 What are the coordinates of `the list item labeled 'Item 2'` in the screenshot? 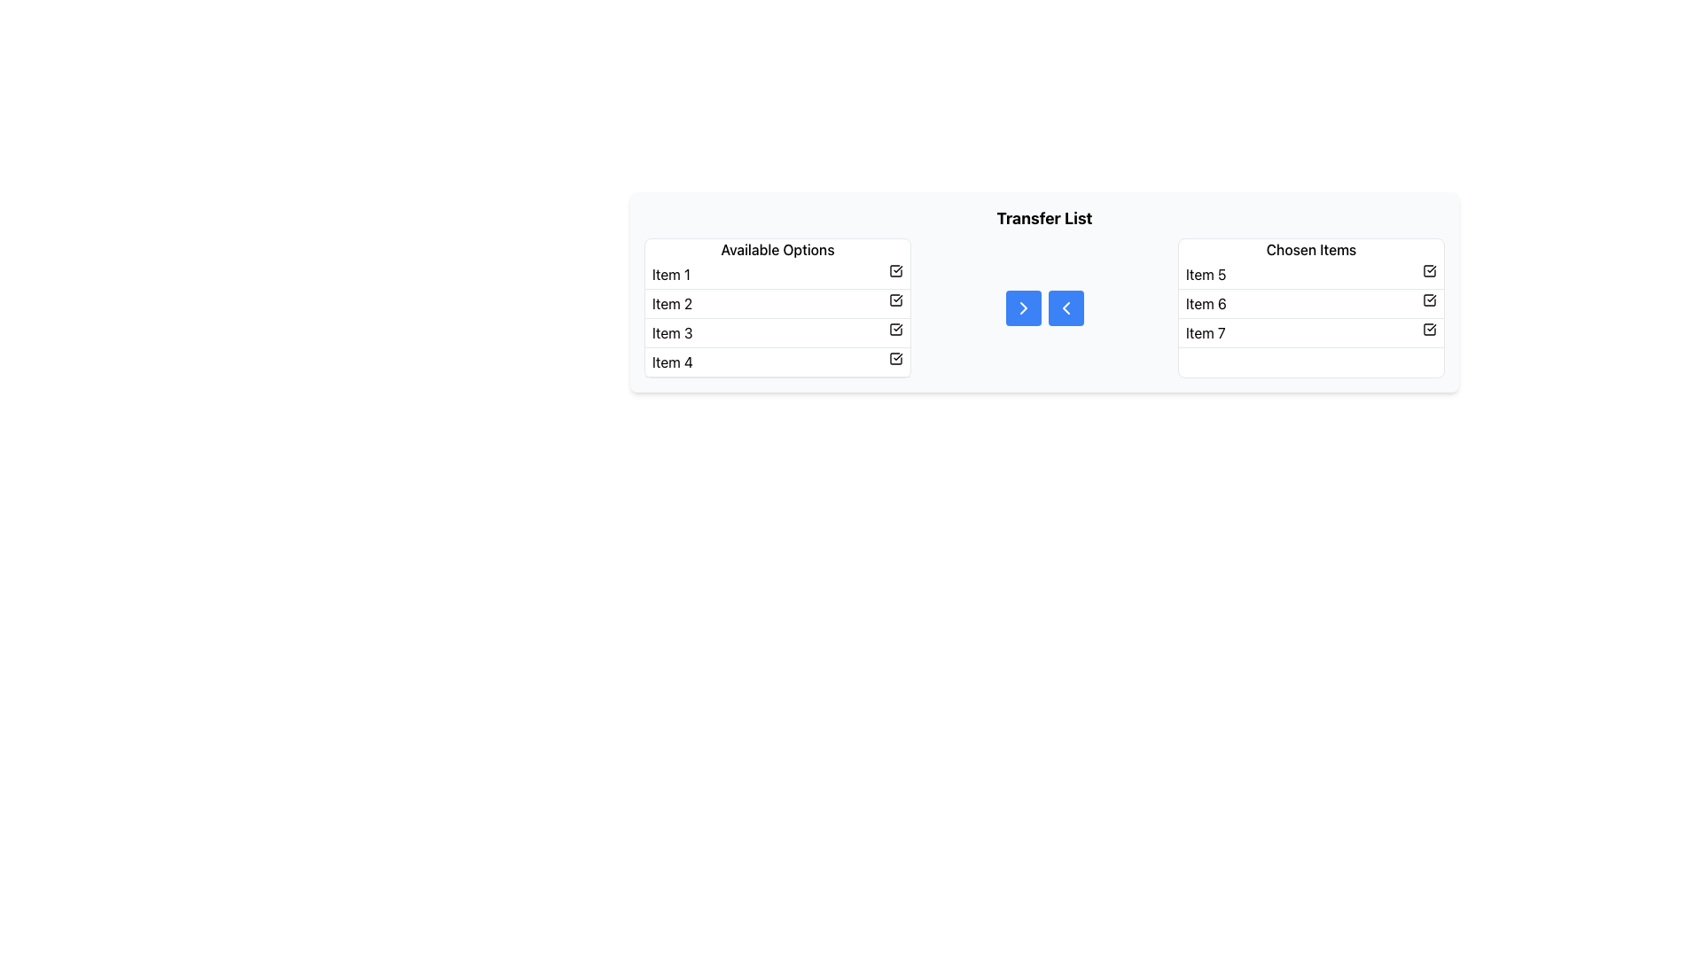 It's located at (777, 303).